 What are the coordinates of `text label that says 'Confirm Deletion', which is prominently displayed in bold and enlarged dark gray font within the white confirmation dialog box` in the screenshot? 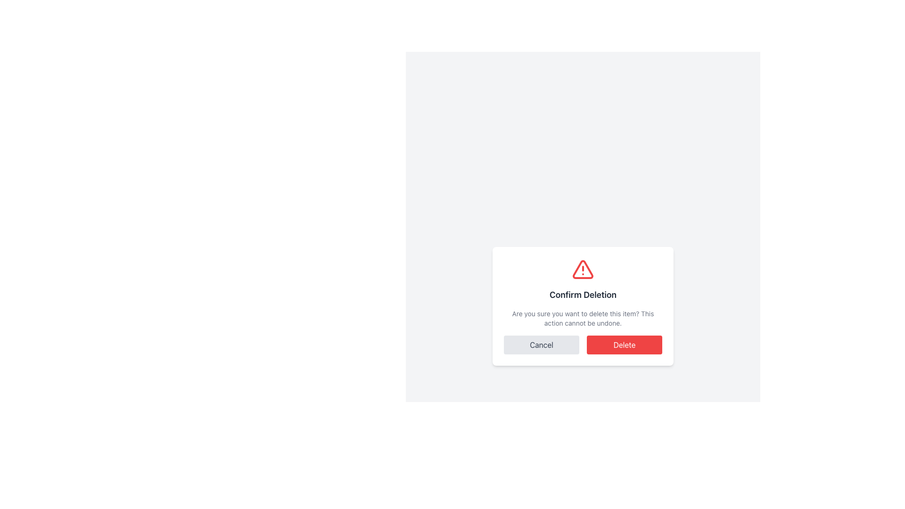 It's located at (583, 294).